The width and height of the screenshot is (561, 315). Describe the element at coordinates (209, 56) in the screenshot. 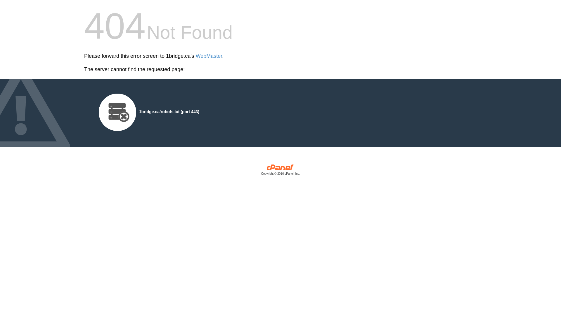

I see `'WebMaster'` at that location.